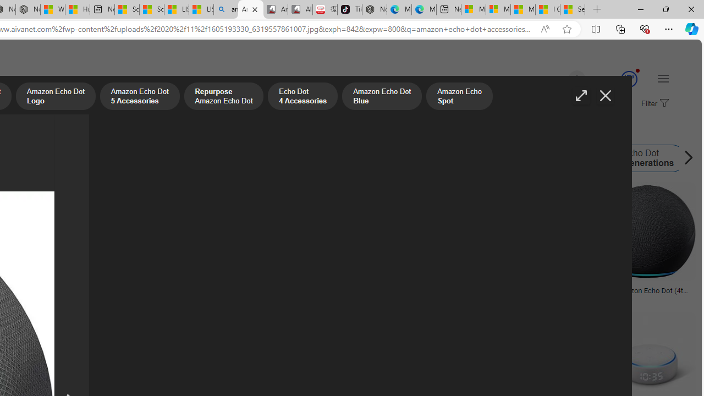 The height and width of the screenshot is (396, 704). Describe the element at coordinates (685, 158) in the screenshot. I see `'Scroll right'` at that location.